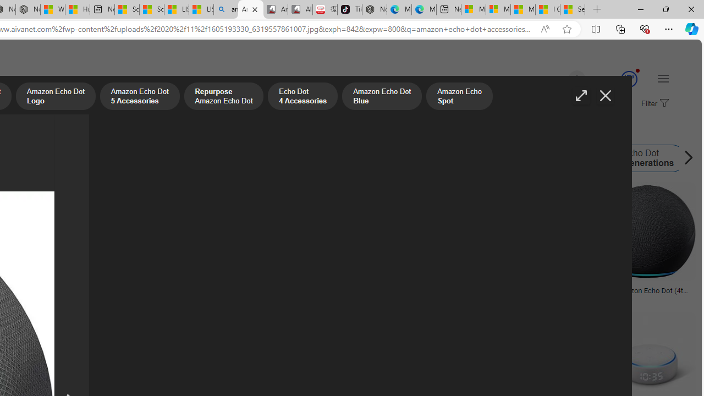 The height and width of the screenshot is (396, 704). Describe the element at coordinates (685, 158) in the screenshot. I see `'Scroll right'` at that location.